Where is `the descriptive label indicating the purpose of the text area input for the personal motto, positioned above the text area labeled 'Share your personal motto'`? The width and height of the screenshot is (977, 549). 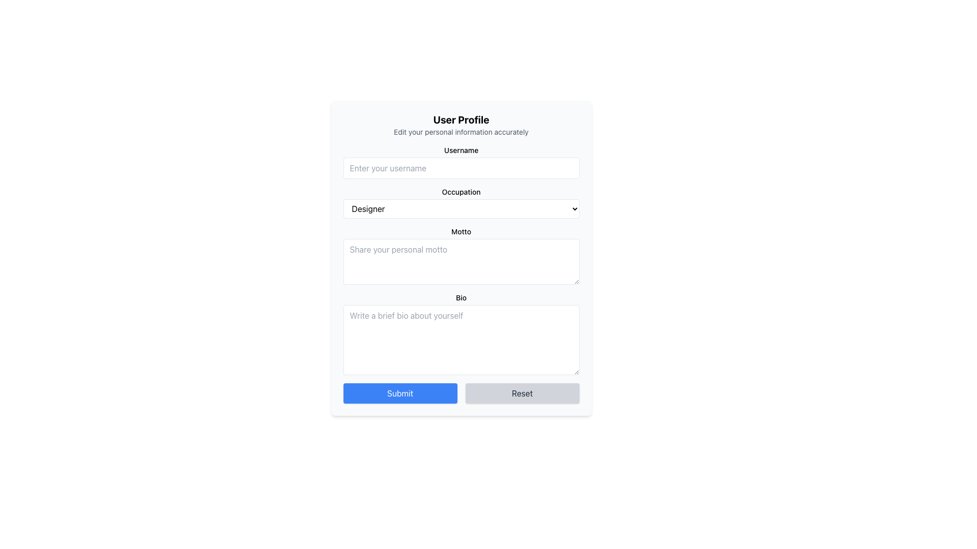
the descriptive label indicating the purpose of the text area input for the personal motto, positioned above the text area labeled 'Share your personal motto' is located at coordinates (461, 231).